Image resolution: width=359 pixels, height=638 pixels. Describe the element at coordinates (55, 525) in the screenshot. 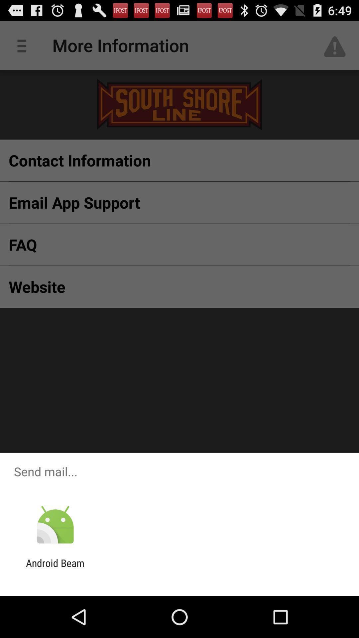

I see `the app above the android beam app` at that location.